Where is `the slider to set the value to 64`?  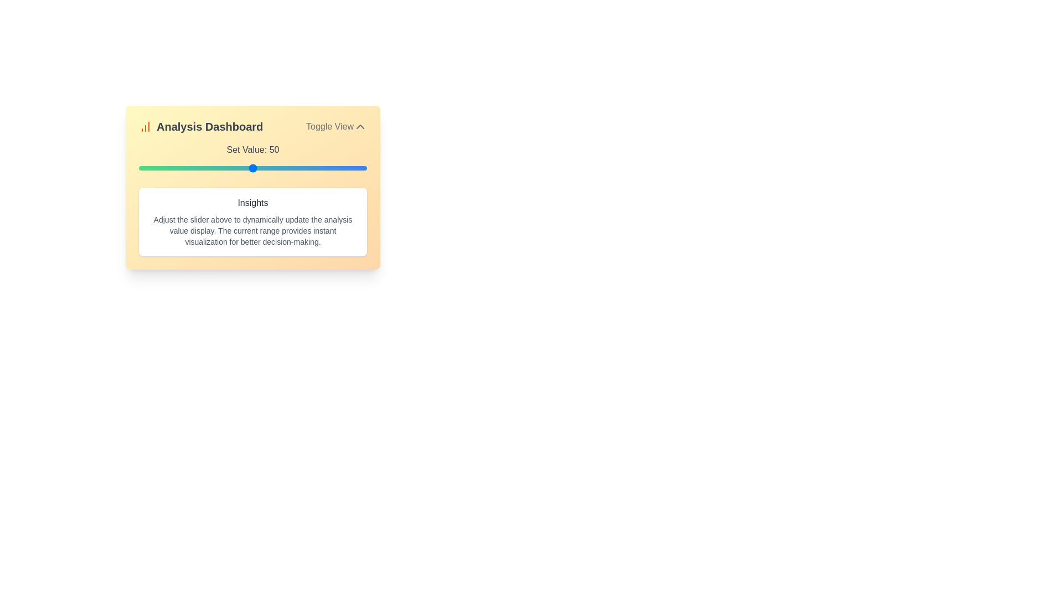
the slider to set the value to 64 is located at coordinates (285, 168).